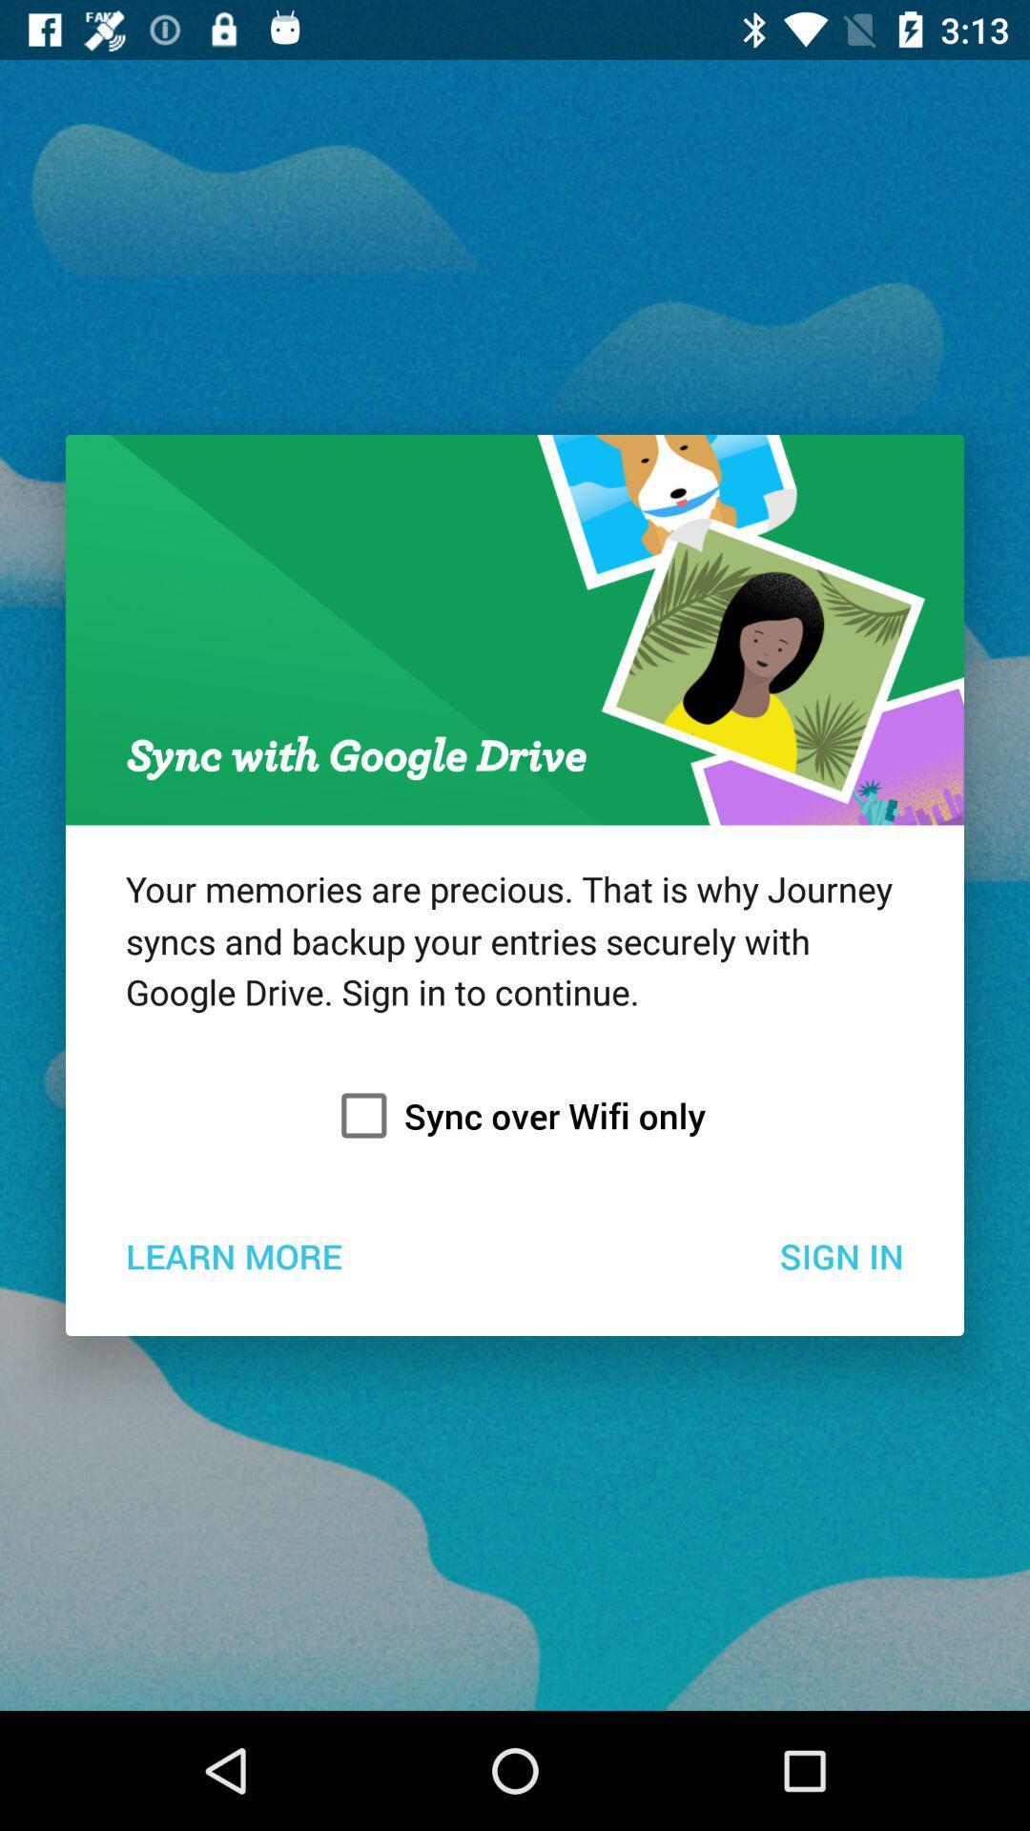 The height and width of the screenshot is (1831, 1030). I want to click on the sync over wifi item, so click(515, 1116).